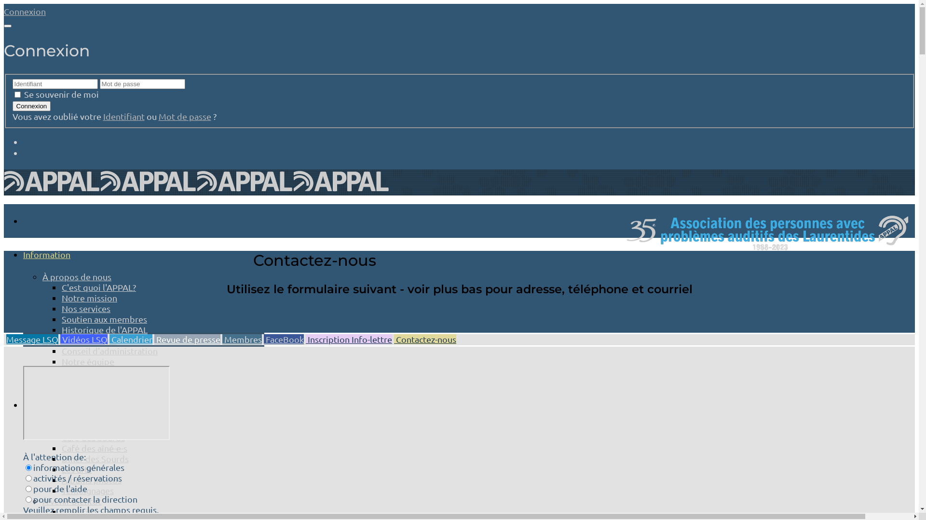 Image resolution: width=926 pixels, height=520 pixels. Describe the element at coordinates (61, 319) in the screenshot. I see `'Soutien aux membres'` at that location.